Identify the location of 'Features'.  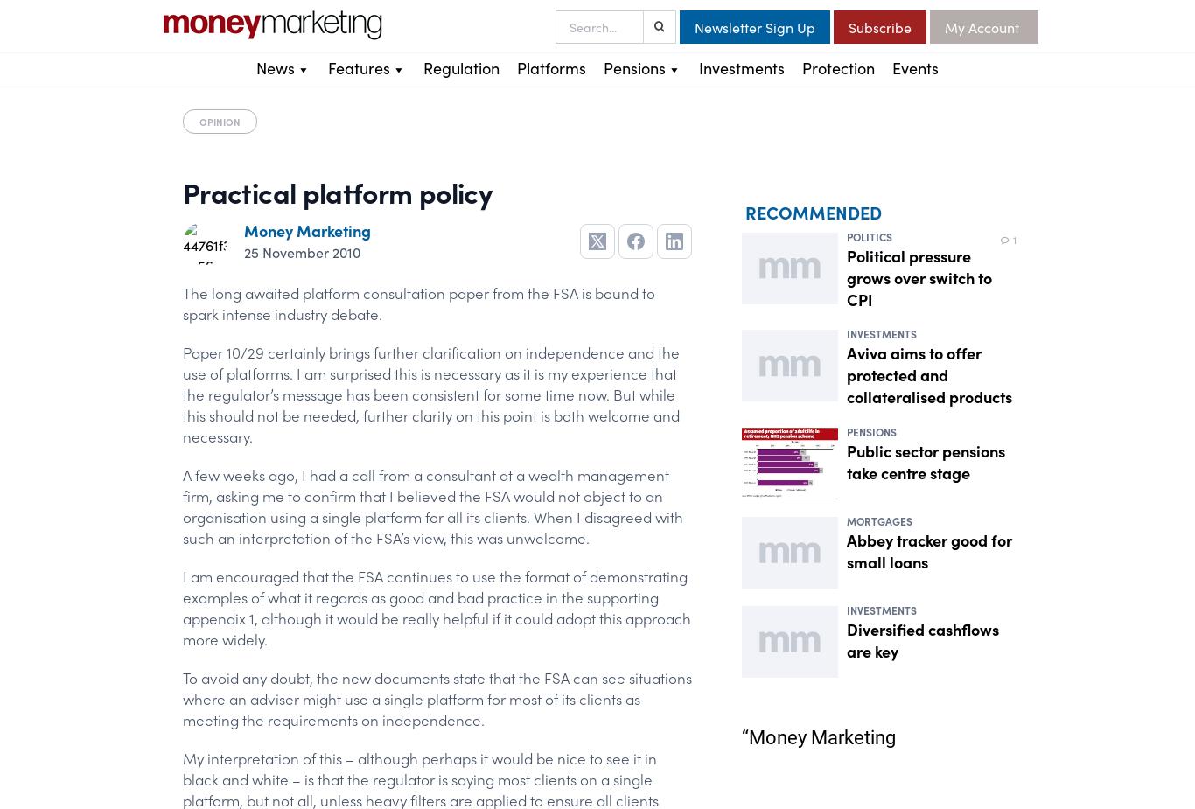
(358, 66).